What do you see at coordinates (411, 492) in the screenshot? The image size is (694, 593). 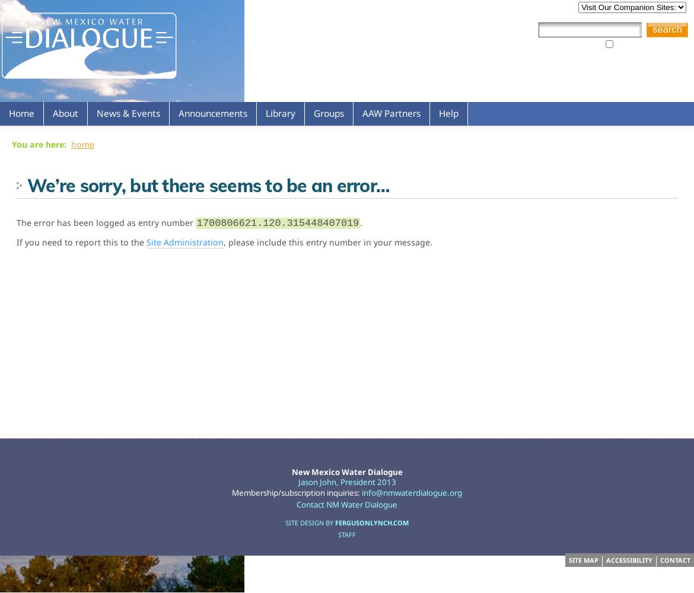 I see `'info@nmwaterdialogue.org'` at bounding box center [411, 492].